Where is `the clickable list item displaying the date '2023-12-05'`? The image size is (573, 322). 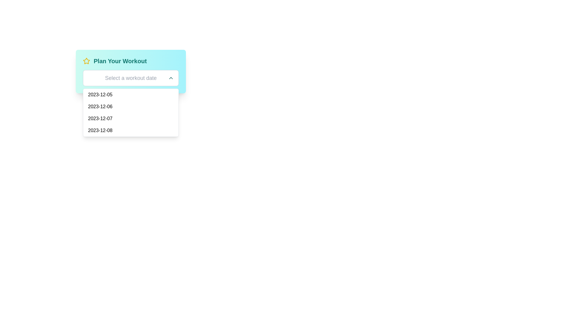 the clickable list item displaying the date '2023-12-05' is located at coordinates (130, 94).